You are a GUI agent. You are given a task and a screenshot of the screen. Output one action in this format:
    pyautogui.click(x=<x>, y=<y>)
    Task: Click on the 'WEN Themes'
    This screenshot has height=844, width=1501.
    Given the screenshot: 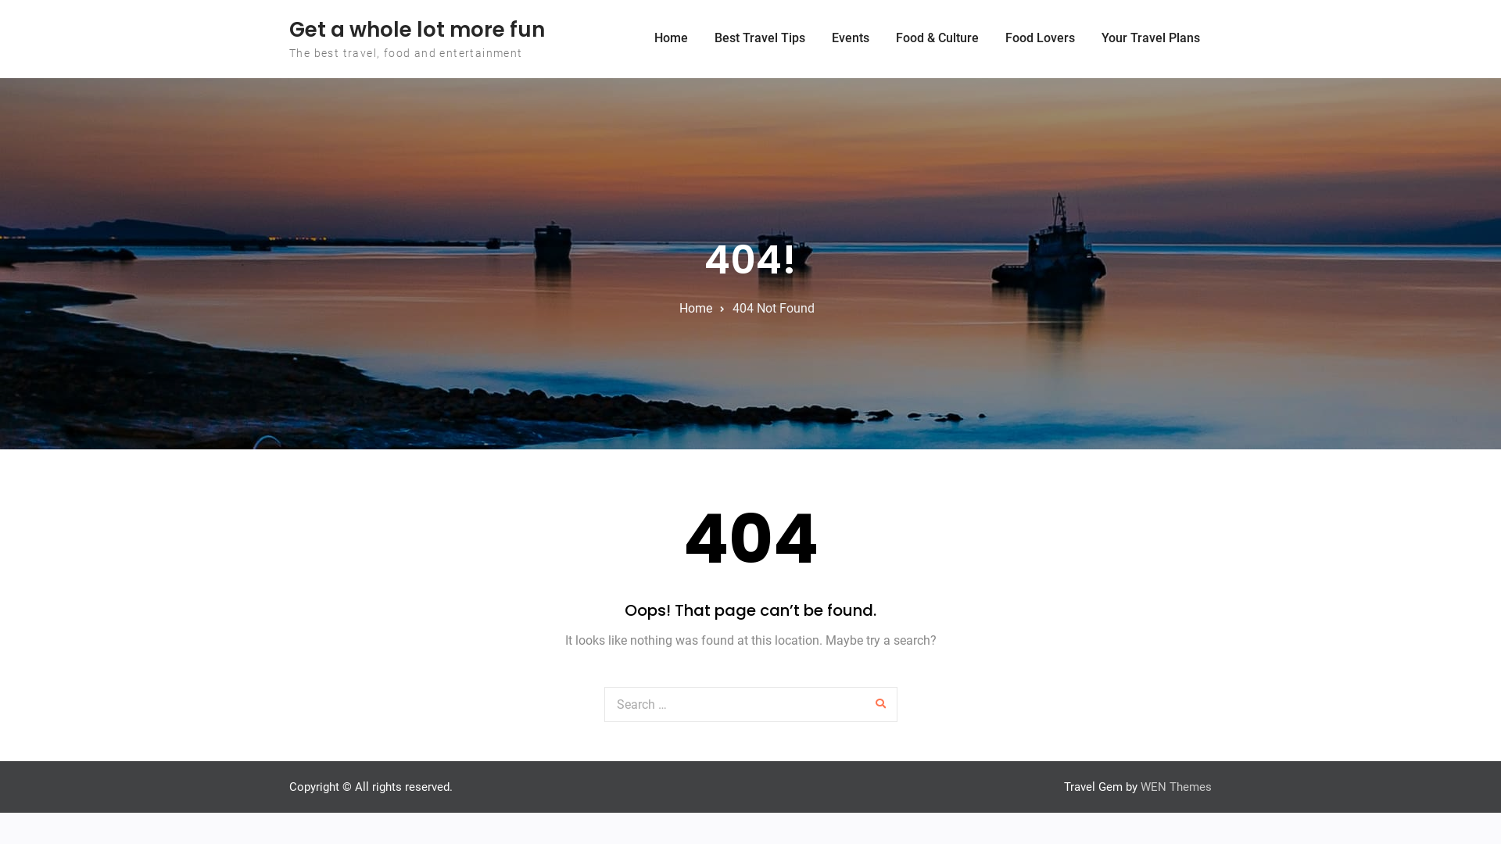 What is the action you would take?
    pyautogui.click(x=1176, y=786)
    